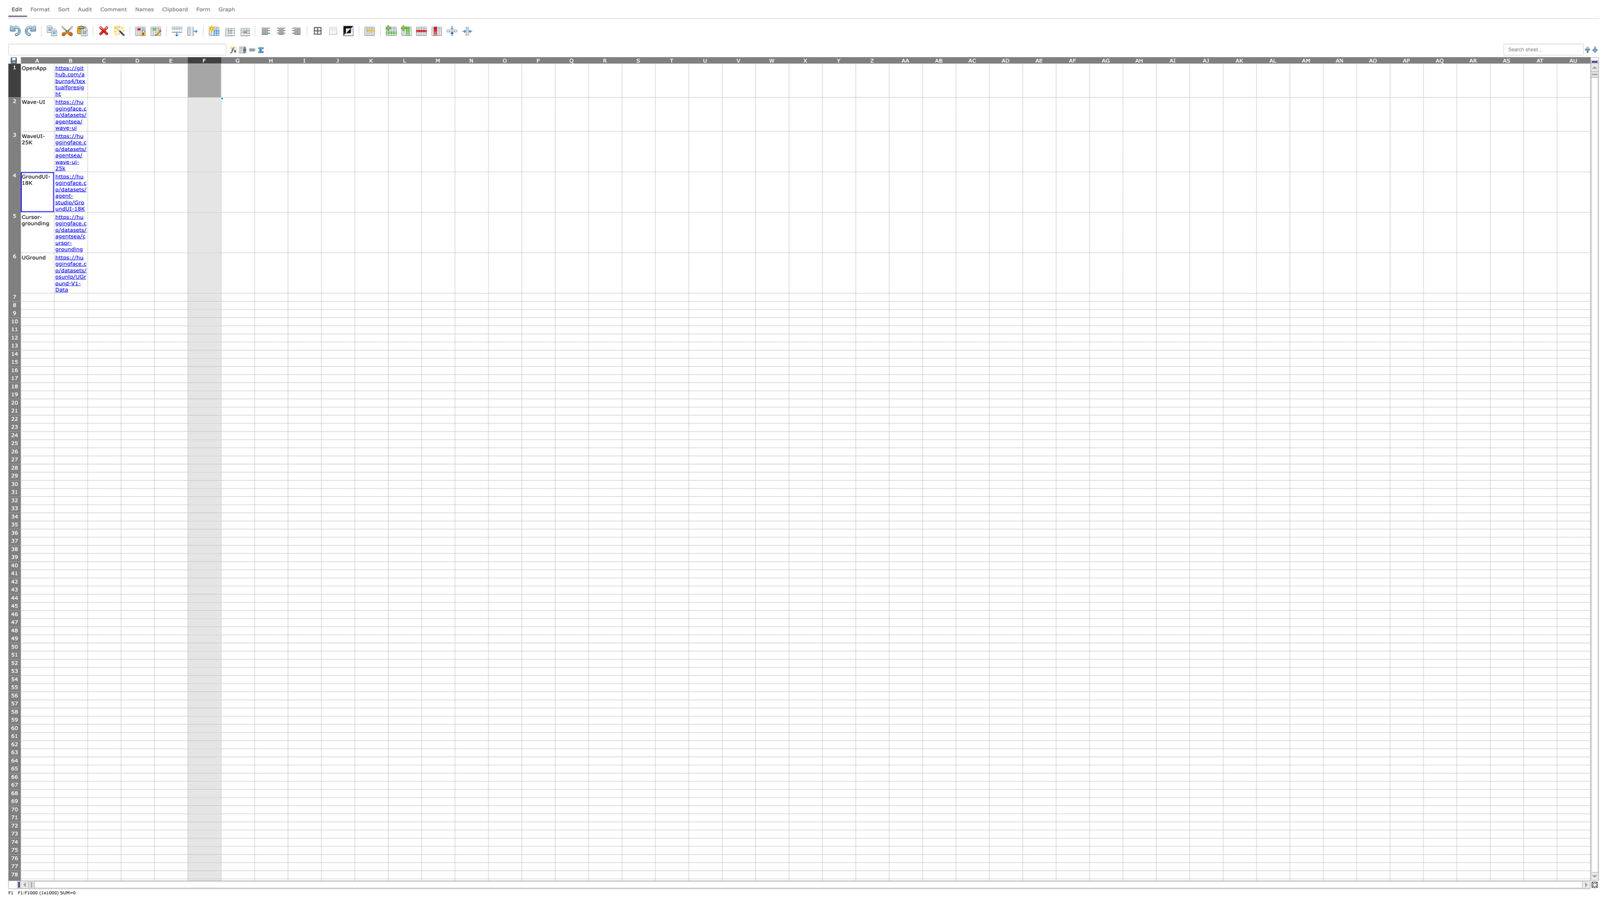 This screenshot has height=901, width=1603. Describe the element at coordinates (437, 59) in the screenshot. I see `column M` at that location.